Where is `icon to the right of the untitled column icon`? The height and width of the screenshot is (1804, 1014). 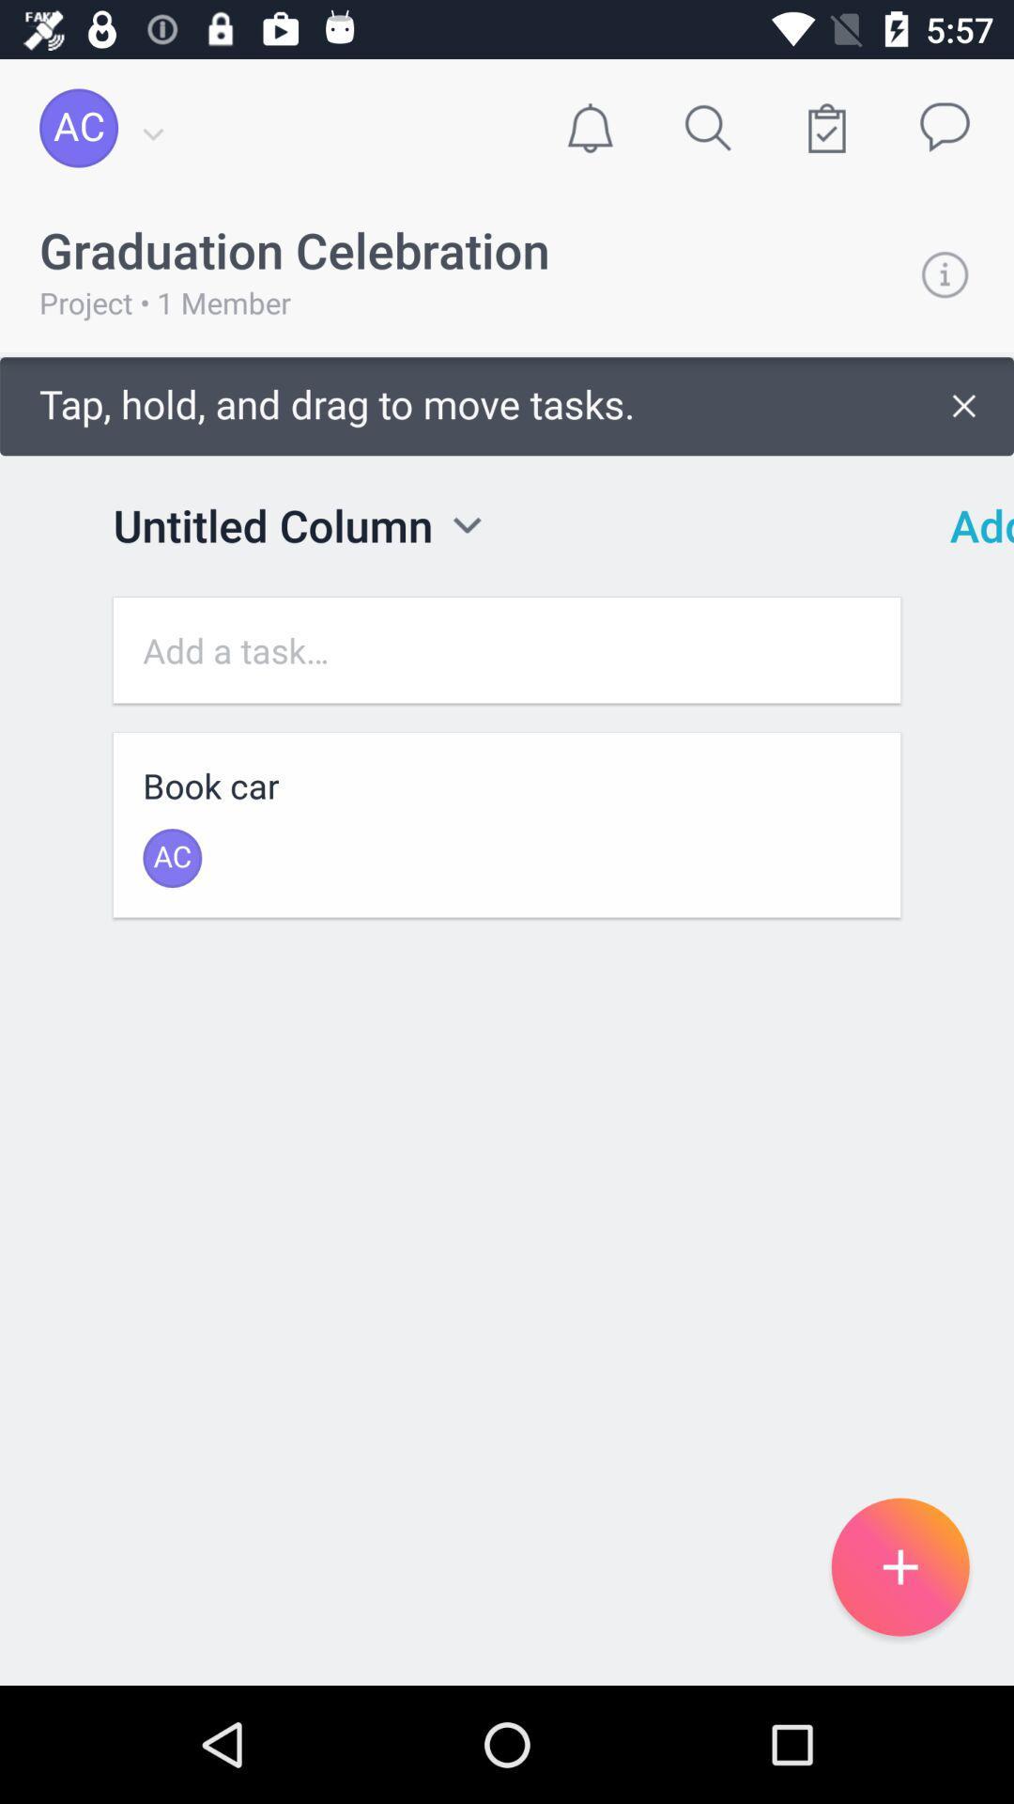 icon to the right of the untitled column icon is located at coordinates (466, 525).